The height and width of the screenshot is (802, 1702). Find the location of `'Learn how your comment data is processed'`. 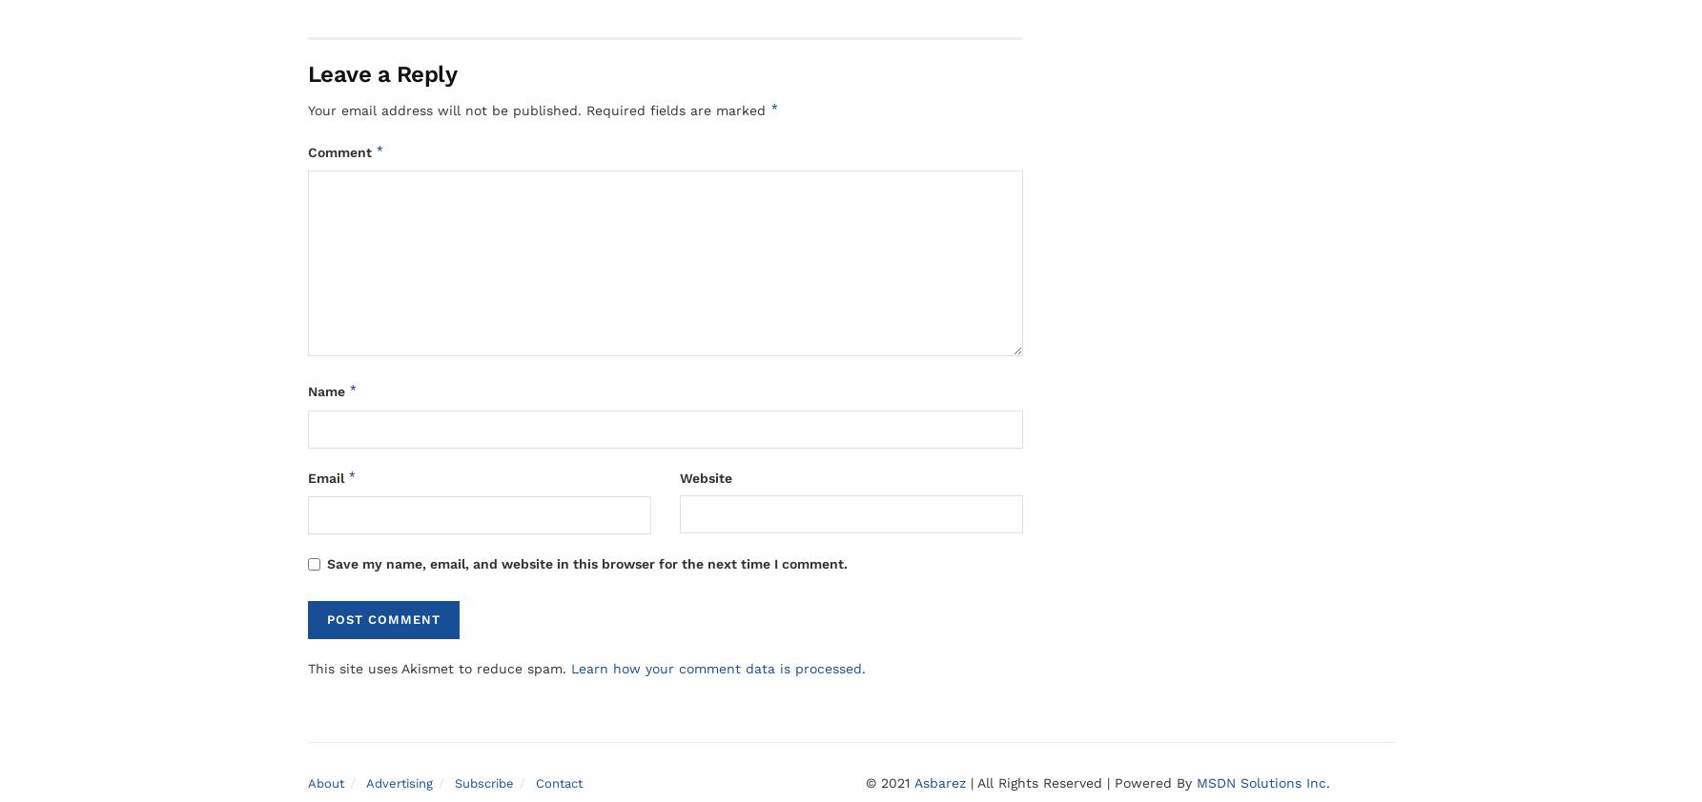

'Learn how your comment data is processed' is located at coordinates (569, 667).